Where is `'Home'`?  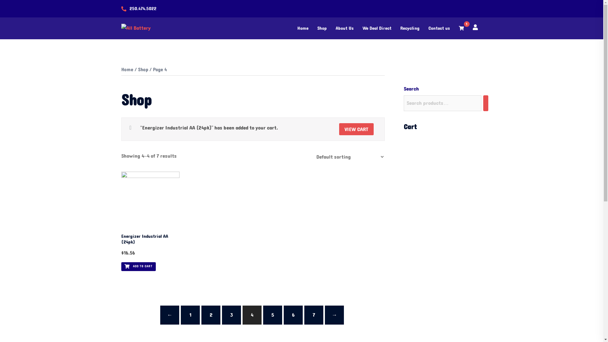 'Home' is located at coordinates (127, 69).